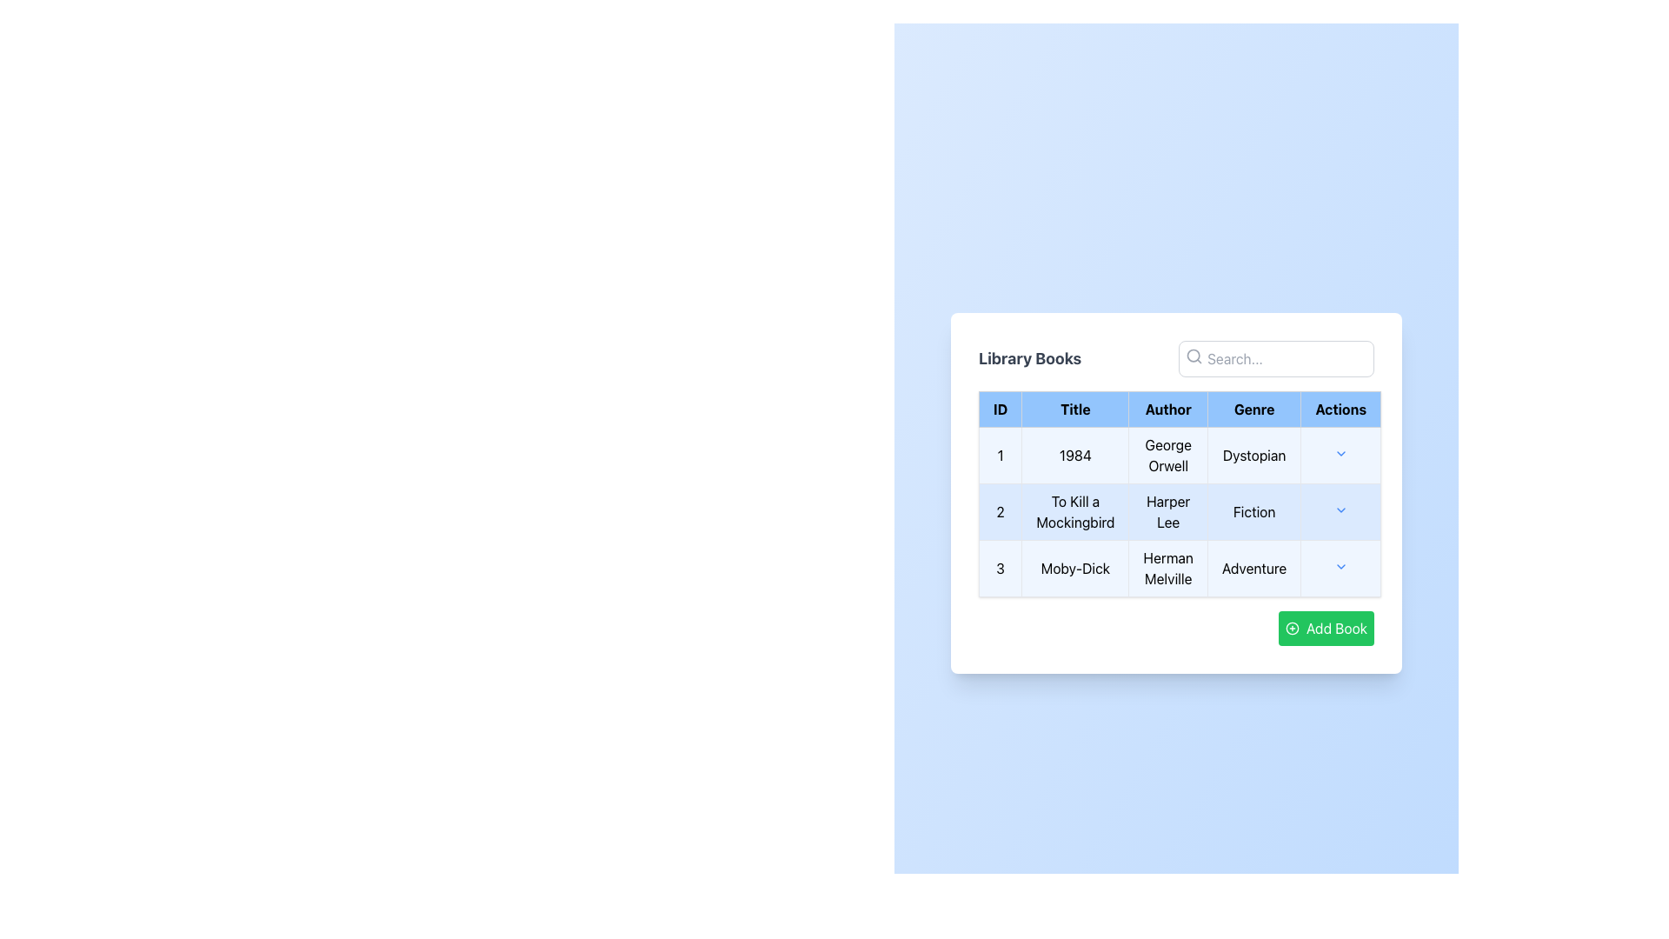 The width and height of the screenshot is (1669, 939). I want to click on the static text display for the author of the book 'Moby-Dick', which is located in the third cell under the 'Author' column of the data table, so click(1168, 568).